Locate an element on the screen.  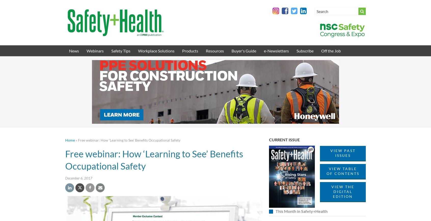
'» Free webinar: How ‘Learning to See’ Benefits Occupational Safety' is located at coordinates (128, 140).